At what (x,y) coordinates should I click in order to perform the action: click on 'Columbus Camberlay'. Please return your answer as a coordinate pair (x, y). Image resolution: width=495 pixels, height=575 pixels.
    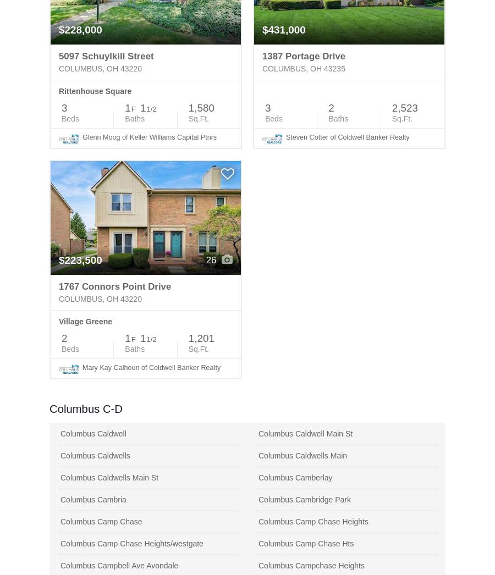
    Looking at the image, I should click on (295, 476).